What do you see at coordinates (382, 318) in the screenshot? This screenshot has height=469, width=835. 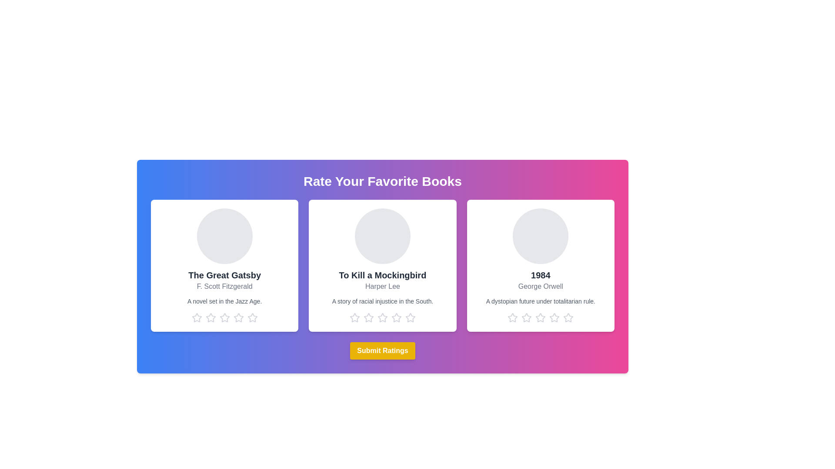 I see `the star corresponding to the rating 3 for the book titled To Kill a Mockingbird` at bounding box center [382, 318].